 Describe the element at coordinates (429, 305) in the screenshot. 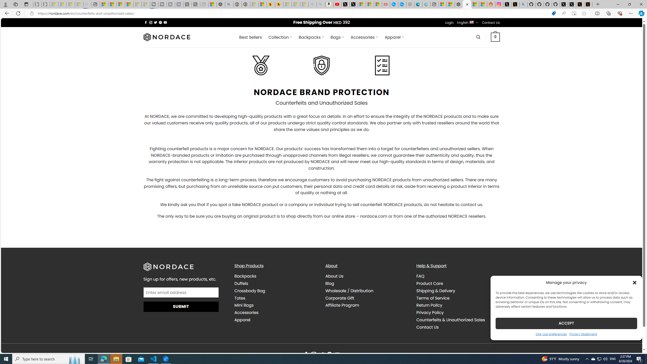

I see `'Return Policy'` at that location.